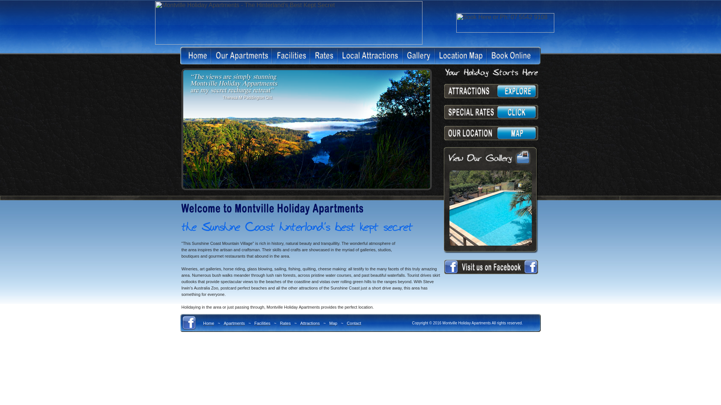 The height and width of the screenshot is (405, 721). Describe the element at coordinates (203, 322) in the screenshot. I see `'Home'` at that location.